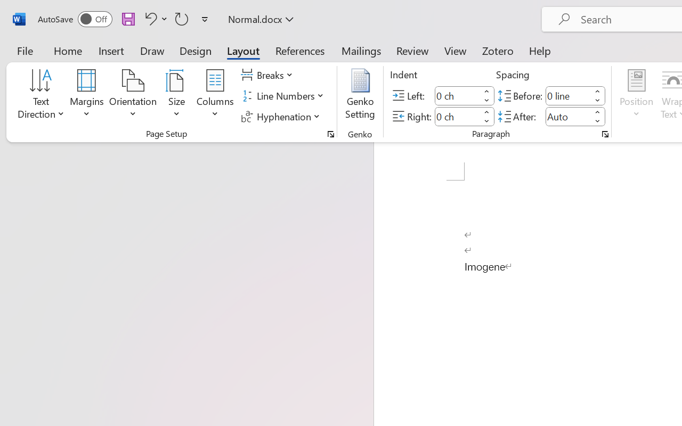  I want to click on 'Hyphenation', so click(282, 116).